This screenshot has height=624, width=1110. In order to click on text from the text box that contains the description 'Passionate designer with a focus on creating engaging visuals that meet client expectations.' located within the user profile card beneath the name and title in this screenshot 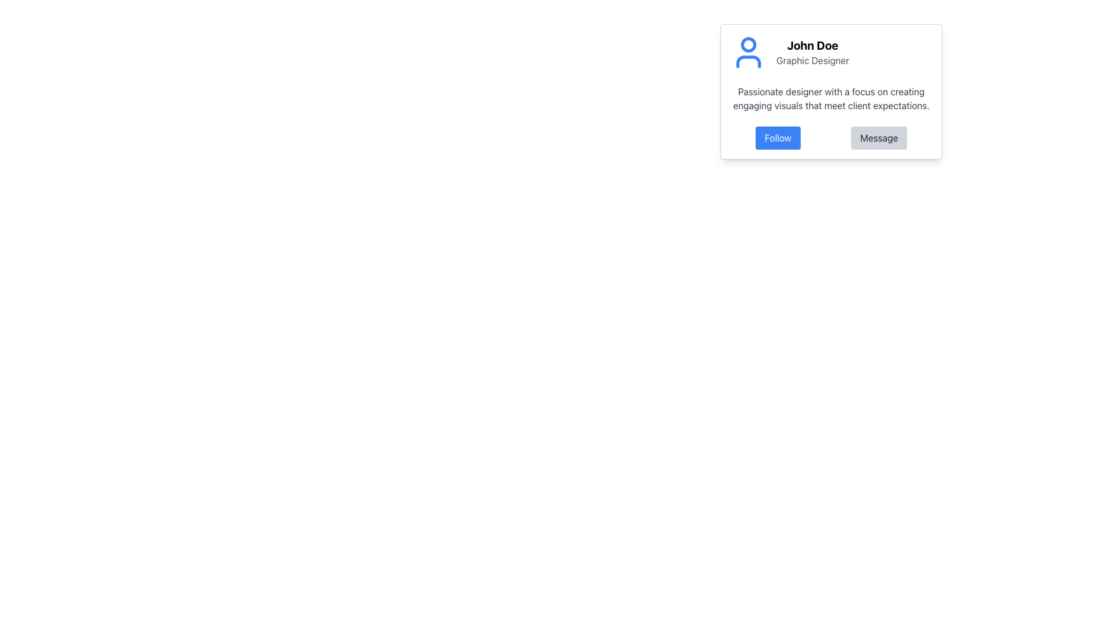, I will do `click(831, 98)`.